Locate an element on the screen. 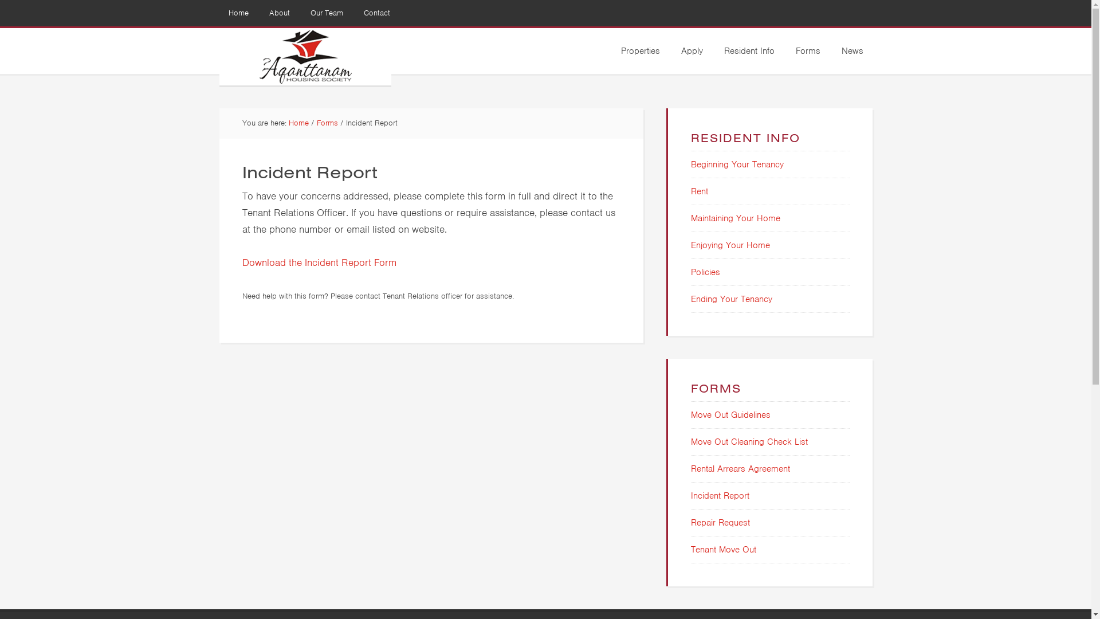  'Rent' is located at coordinates (698, 191).